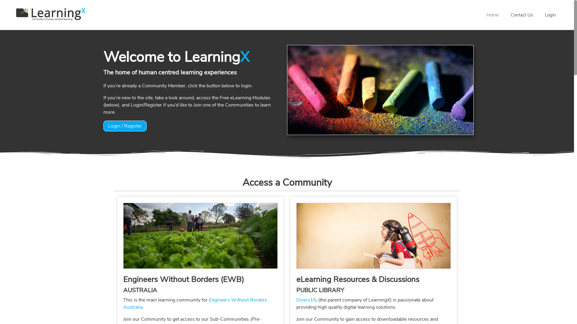  Describe the element at coordinates (307, 300) in the screenshot. I see `'Divers1fy'` at that location.